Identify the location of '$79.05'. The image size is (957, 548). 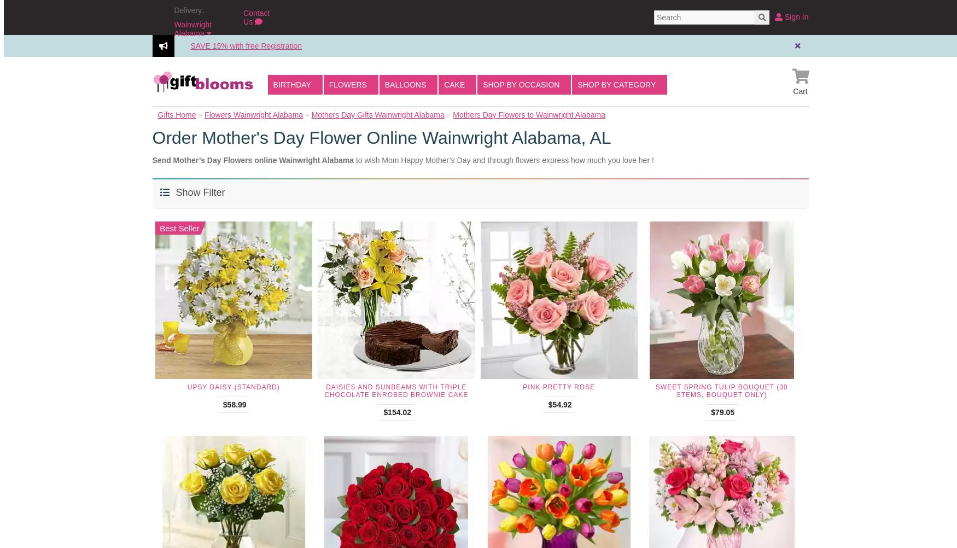
(722, 411).